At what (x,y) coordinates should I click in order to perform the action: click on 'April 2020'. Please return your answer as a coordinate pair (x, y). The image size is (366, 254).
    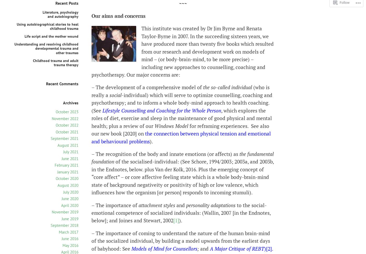
    Looking at the image, I should click on (61, 205).